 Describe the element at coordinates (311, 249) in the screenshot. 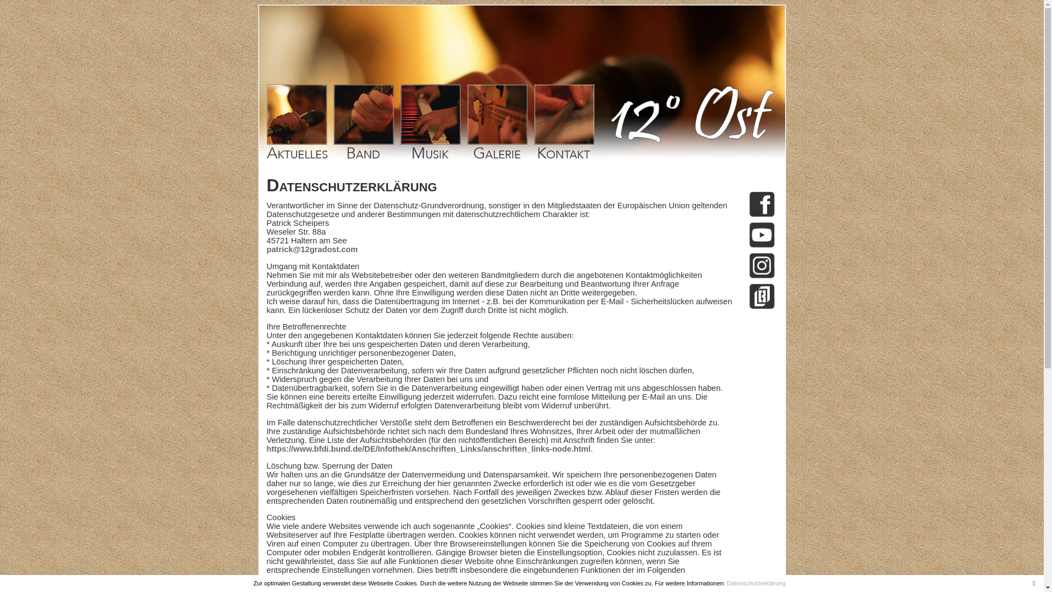

I see `'patrick@12gradost.com'` at that location.